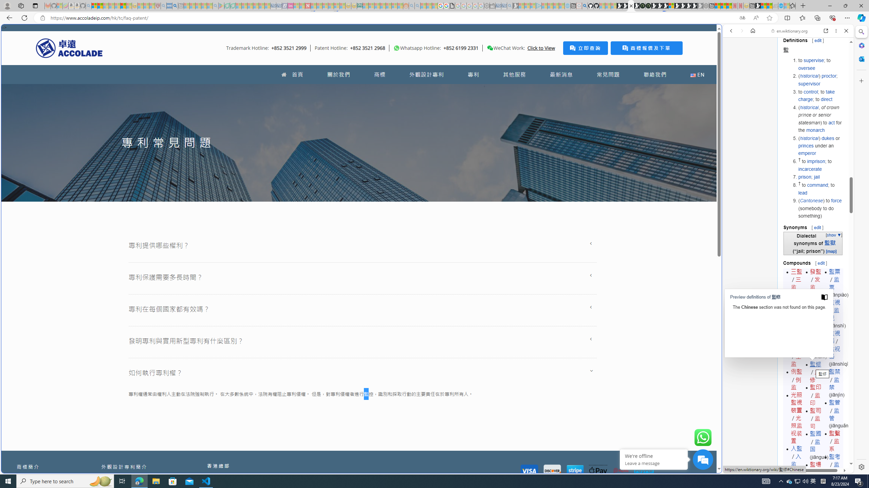  Describe the element at coordinates (816, 161) in the screenshot. I see `'imprison'` at that location.